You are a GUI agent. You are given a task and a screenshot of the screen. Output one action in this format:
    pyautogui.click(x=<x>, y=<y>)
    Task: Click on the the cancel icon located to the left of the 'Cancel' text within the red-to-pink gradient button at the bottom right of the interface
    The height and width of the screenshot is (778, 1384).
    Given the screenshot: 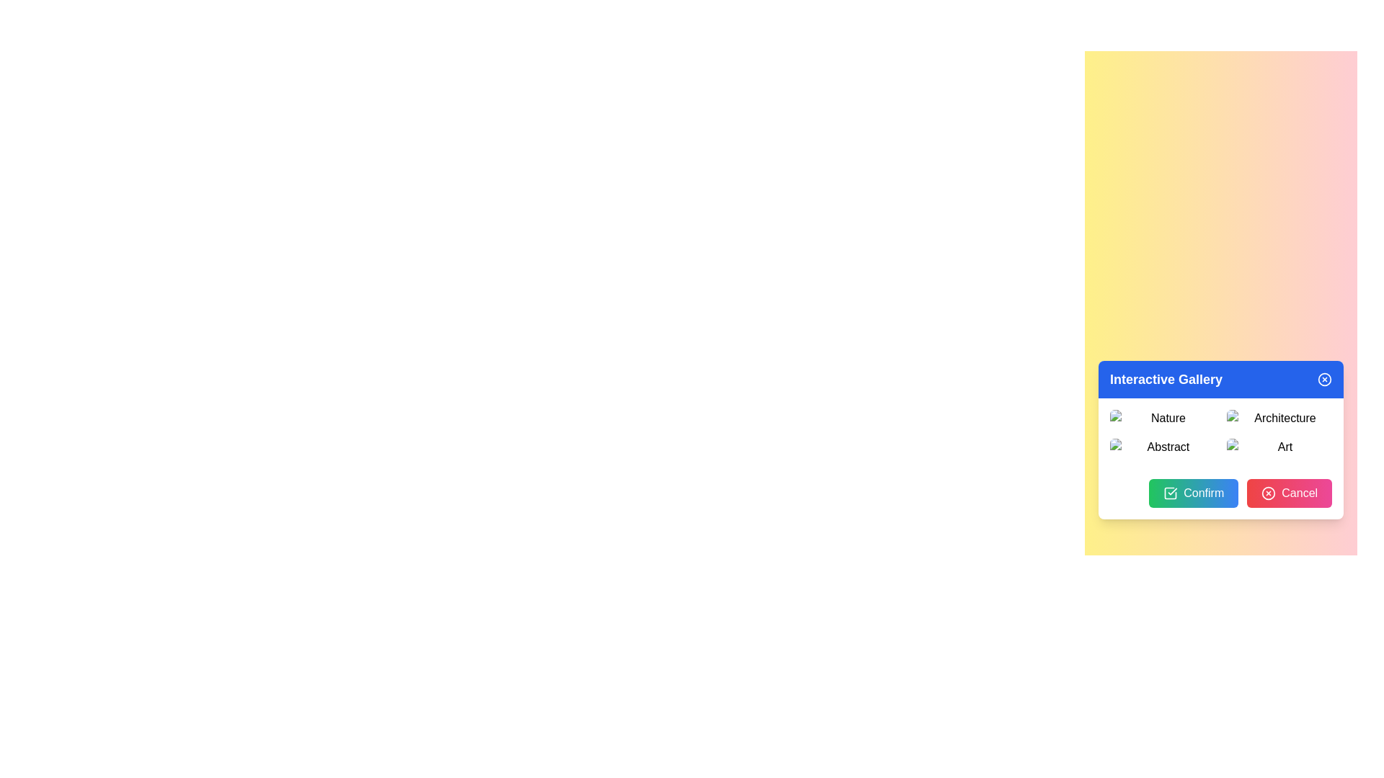 What is the action you would take?
    pyautogui.click(x=1269, y=493)
    